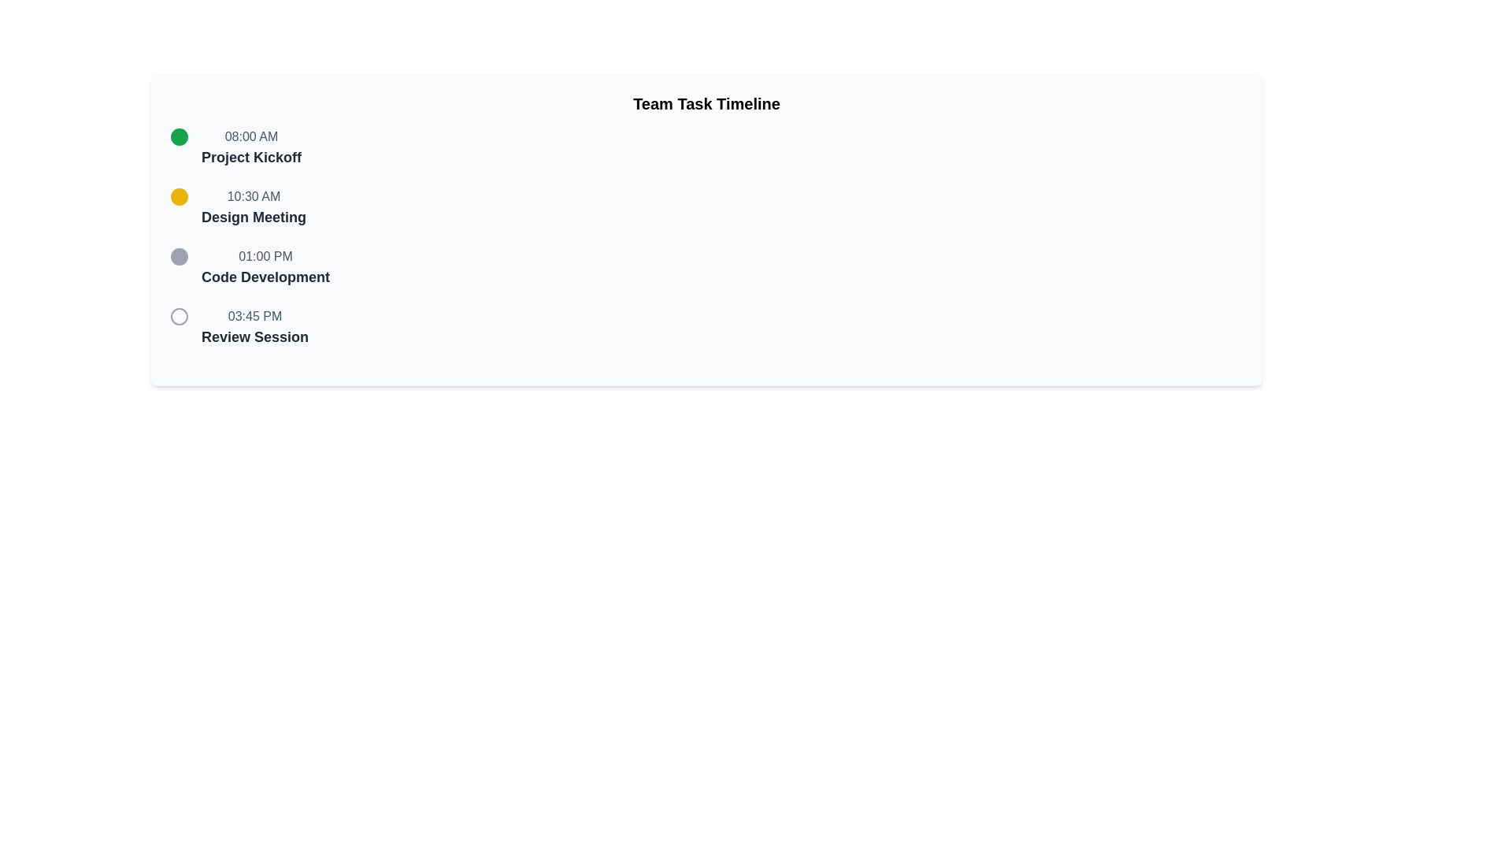  What do you see at coordinates (179, 256) in the screenshot?
I see `the third SVG circle element in the vertical sequence, which represents a step in the task timeline, adjacent to the timestamp '01:00 PM' and the label 'Code Development.'` at bounding box center [179, 256].